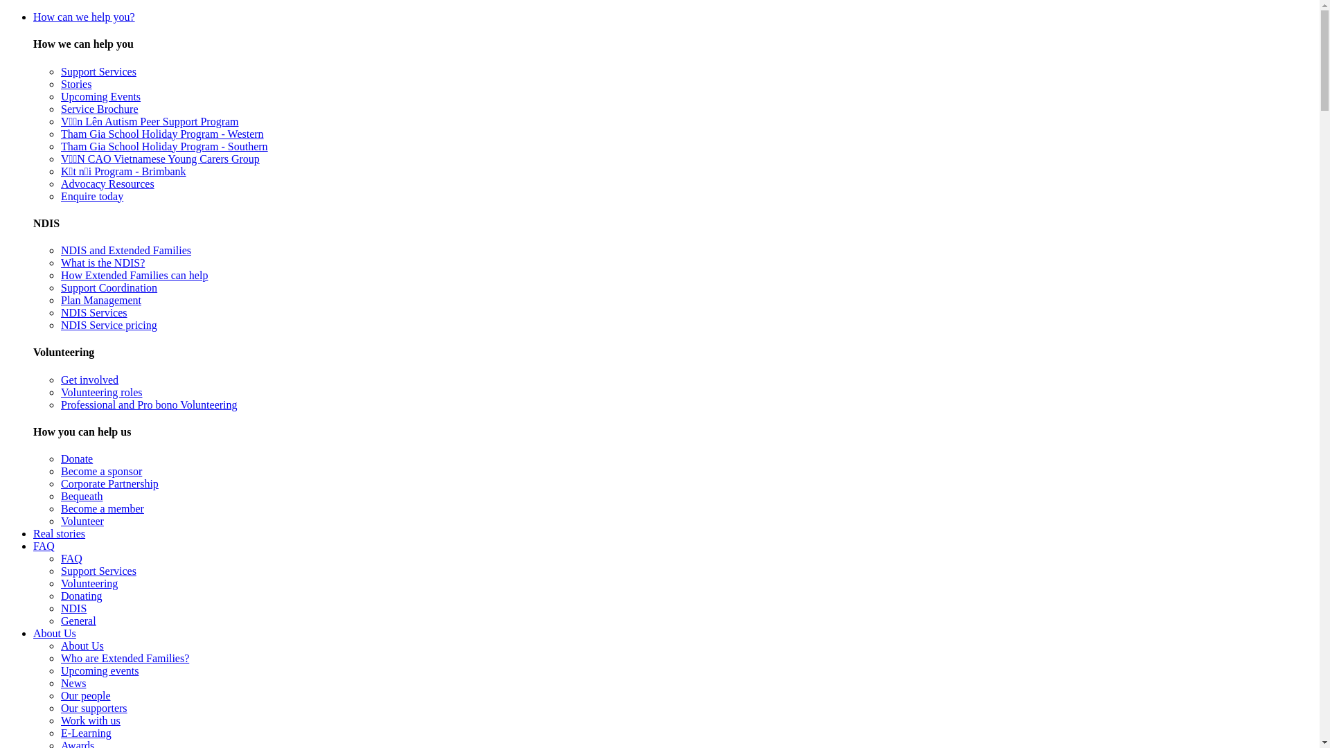  Describe the element at coordinates (71, 558) in the screenshot. I see `'FAQ'` at that location.